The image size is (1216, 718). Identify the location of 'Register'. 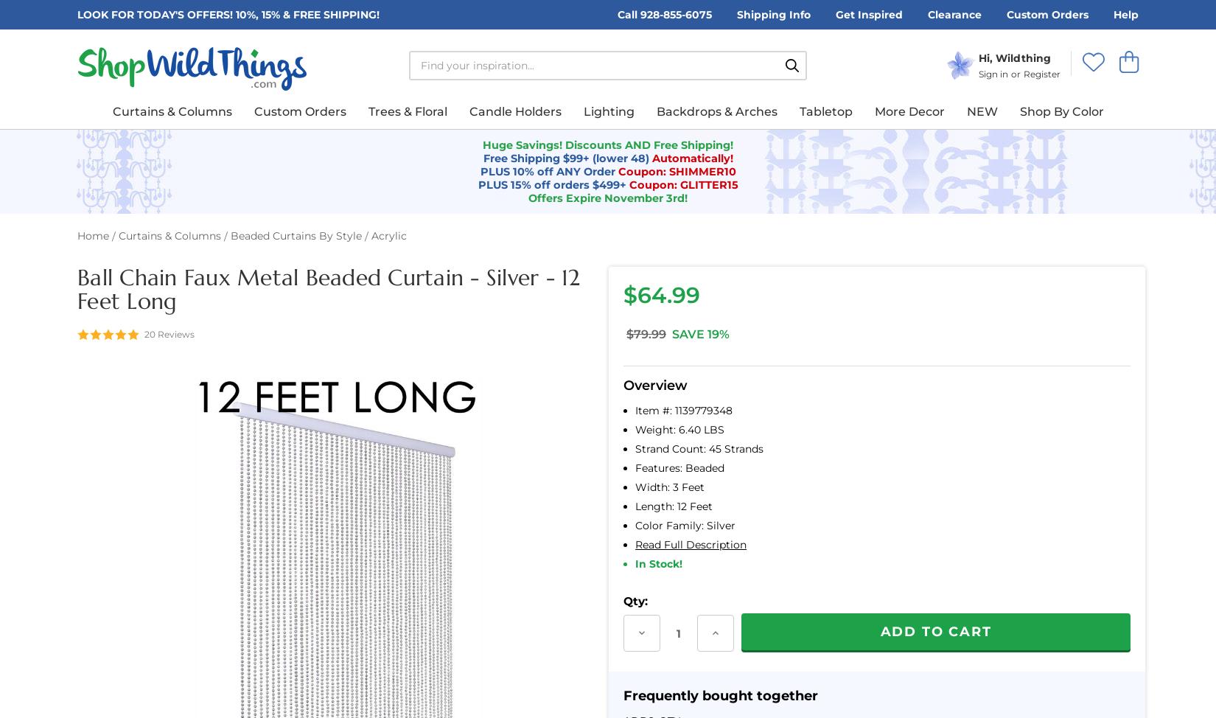
(1041, 73).